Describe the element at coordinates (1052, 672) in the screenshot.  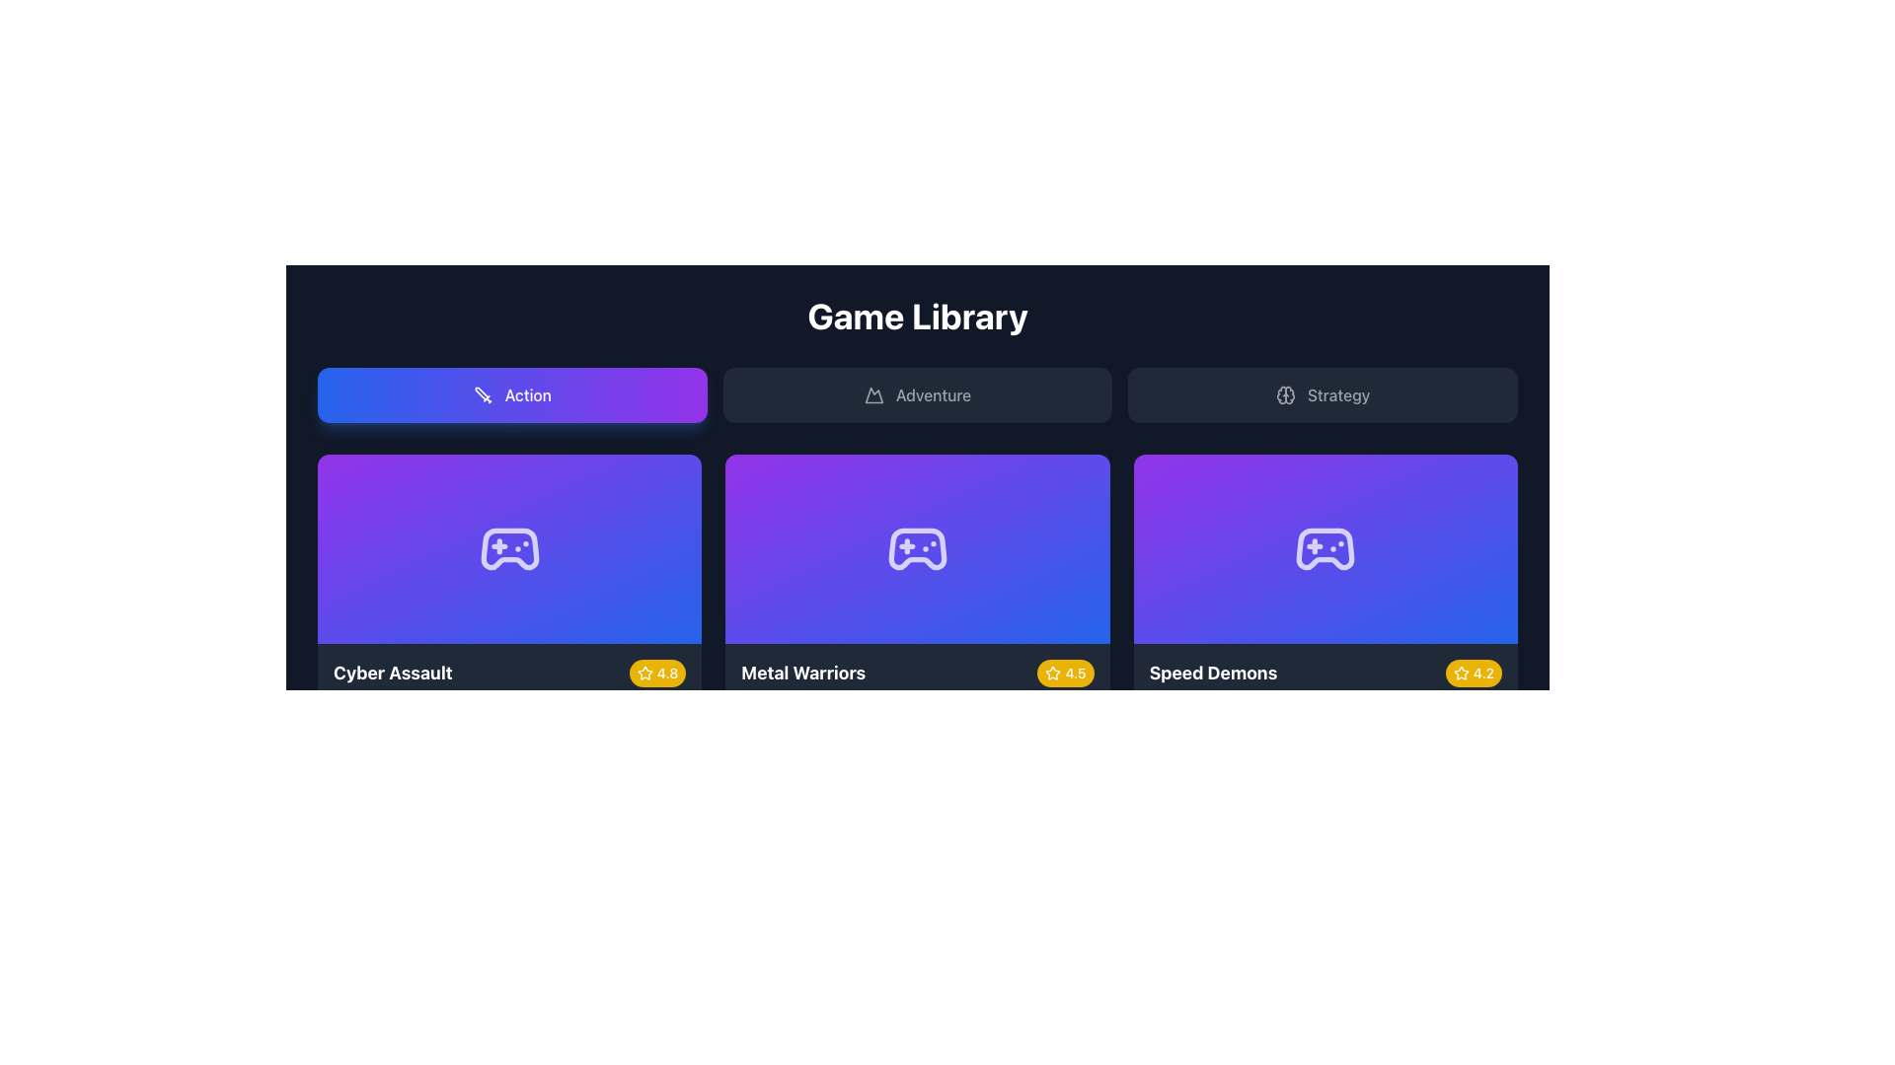
I see `the star rating icon located within the yellow badge at the bottom right of the second game card in the 'Game Library' section` at that location.